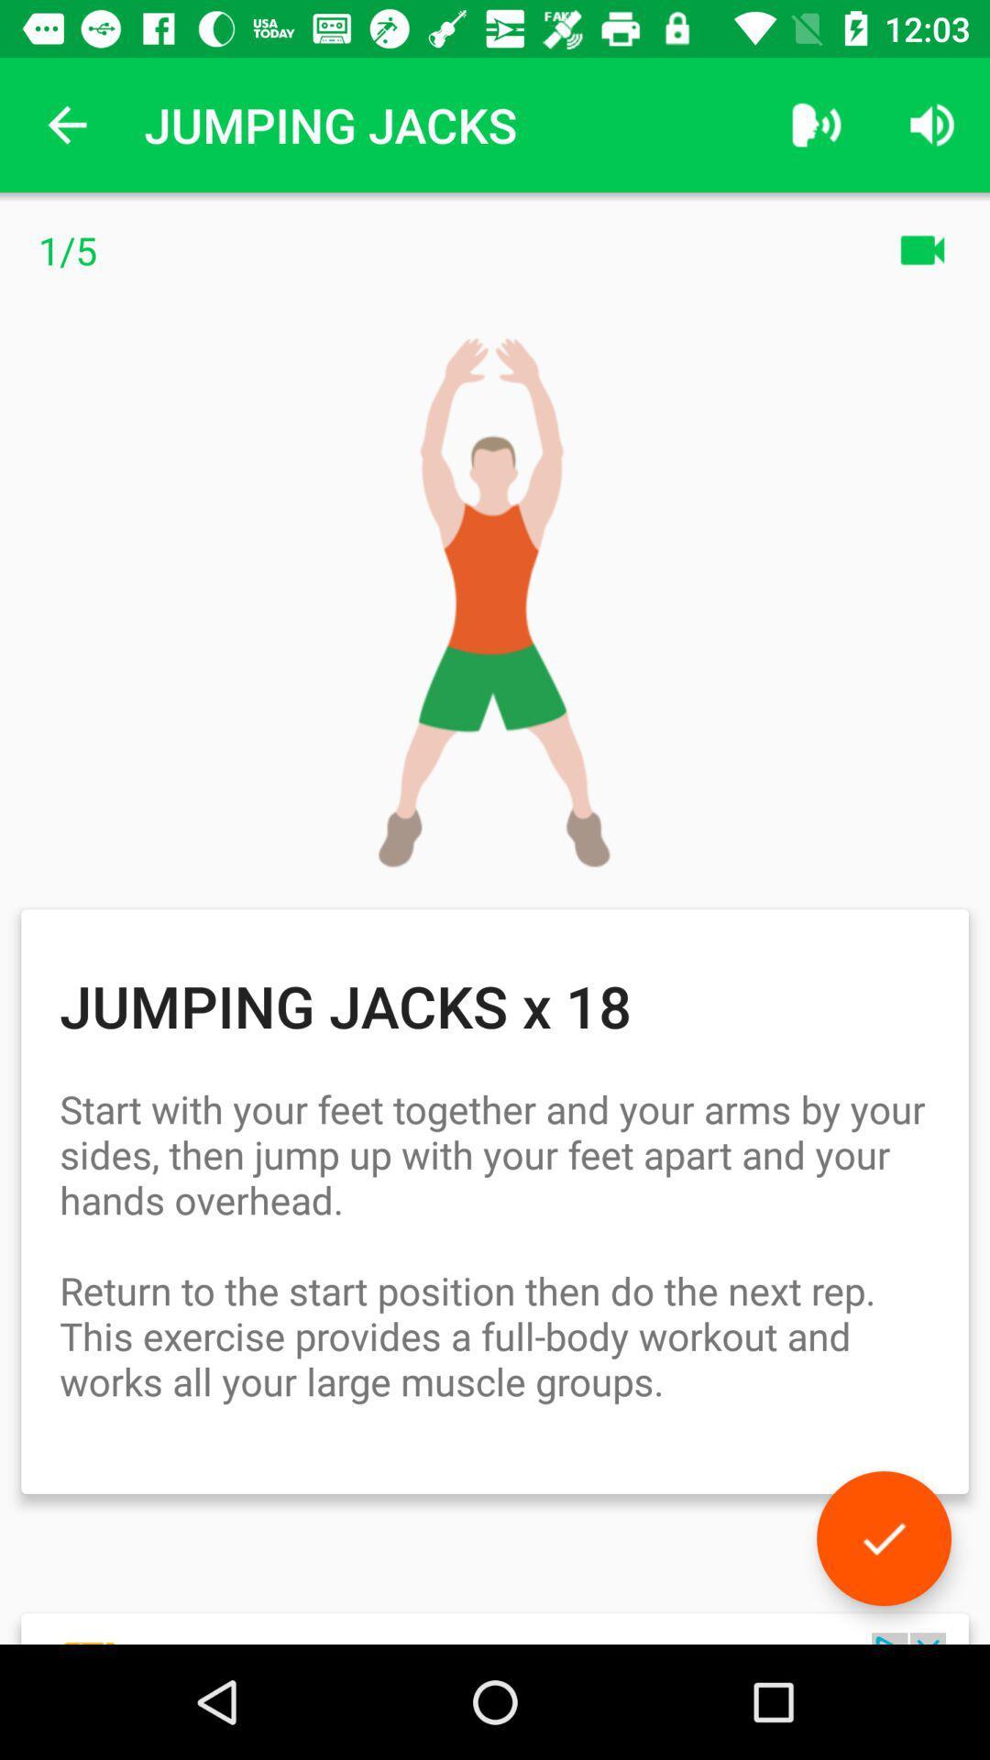 This screenshot has width=990, height=1760. What do you see at coordinates (66, 124) in the screenshot?
I see `the icon at the top left corner` at bounding box center [66, 124].